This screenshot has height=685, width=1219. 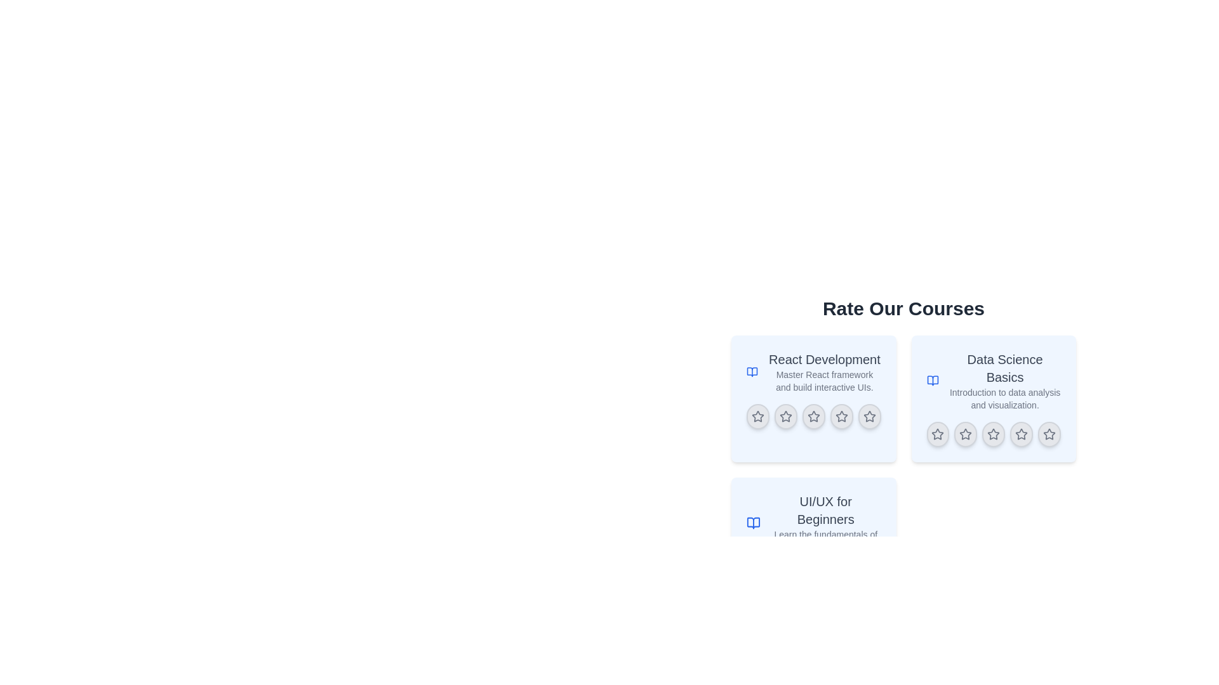 What do you see at coordinates (1004, 398) in the screenshot?
I see `text label displaying 'Introduction to data analysis and visualization.' which is positioned below the title 'Data Science Basics' in a card-like section` at bounding box center [1004, 398].